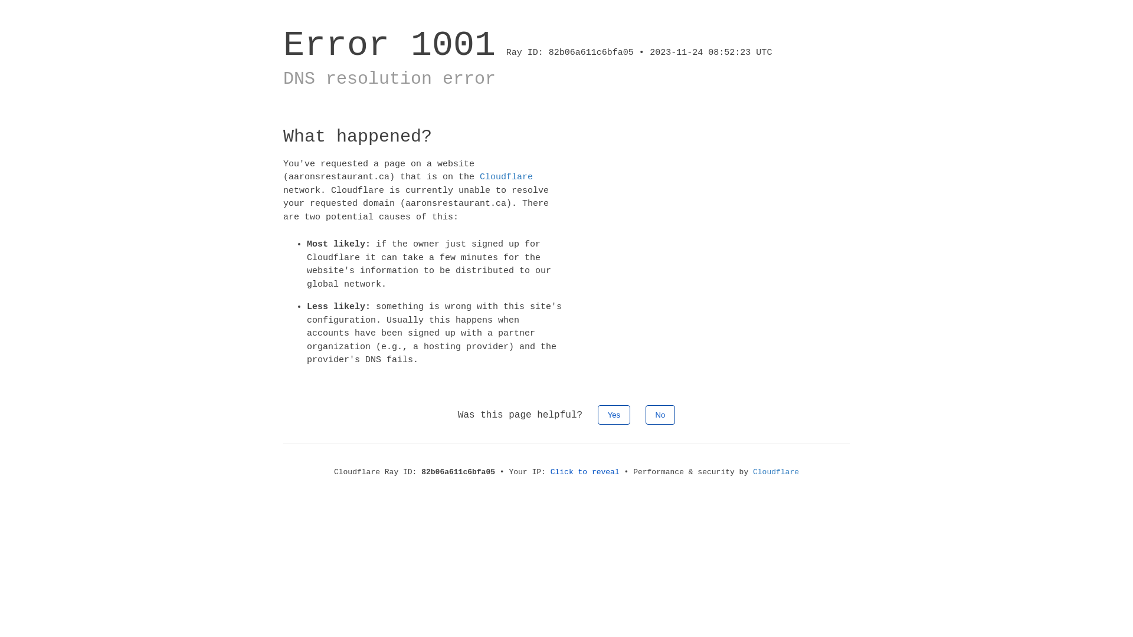 The width and height of the screenshot is (1133, 637). Describe the element at coordinates (660, 413) in the screenshot. I see `'No'` at that location.